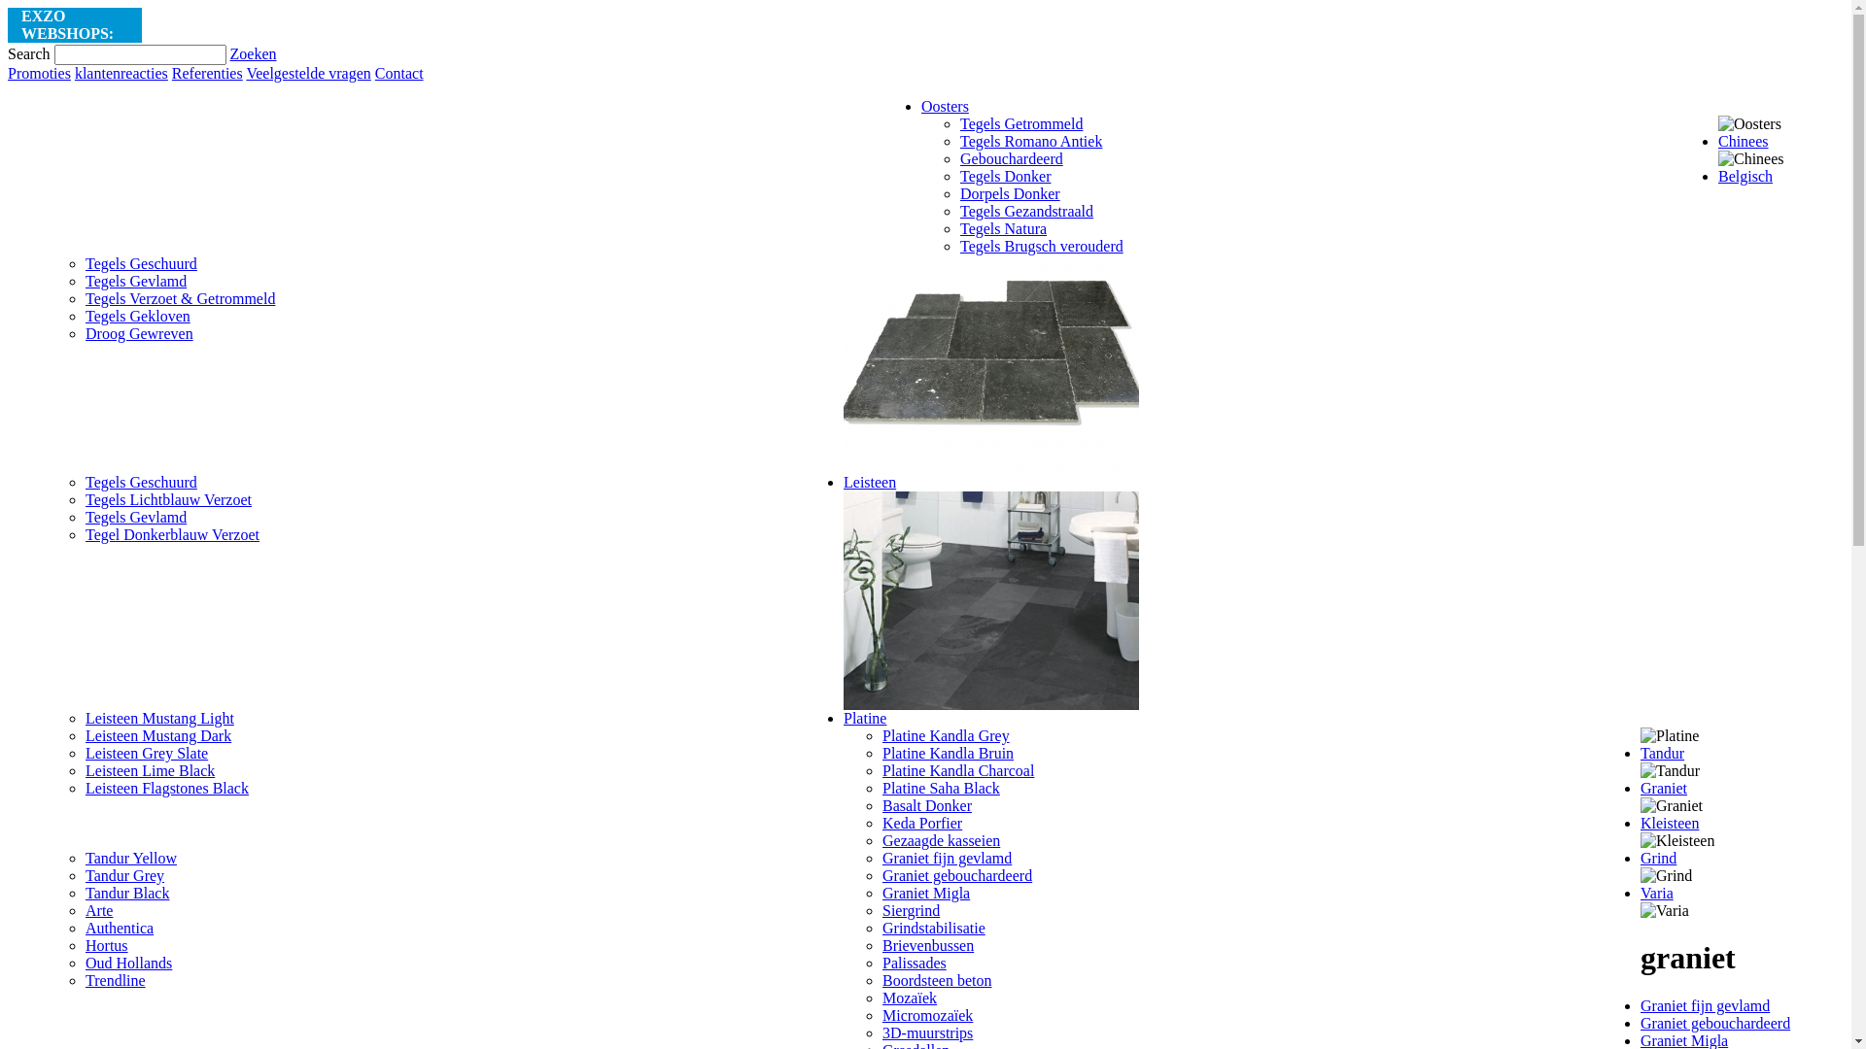 This screenshot has height=1049, width=1866. Describe the element at coordinates (1657, 857) in the screenshot. I see `'Grind'` at that location.